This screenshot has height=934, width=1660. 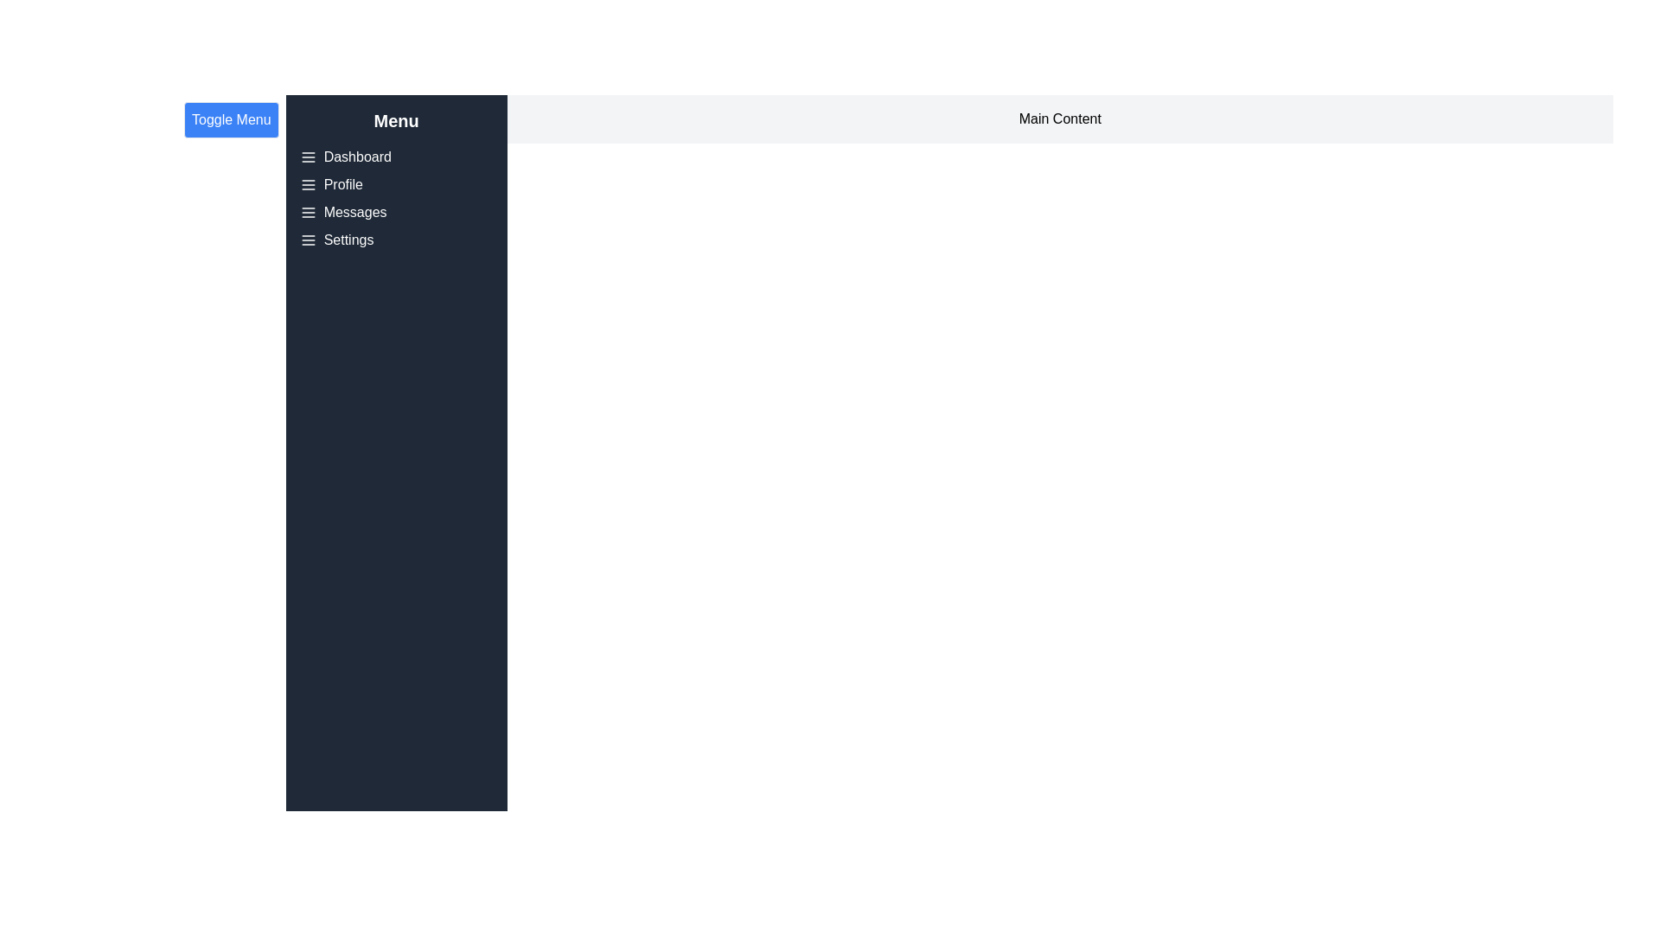 I want to click on the menu item labeled 'Messages' in the drawer, so click(x=354, y=212).